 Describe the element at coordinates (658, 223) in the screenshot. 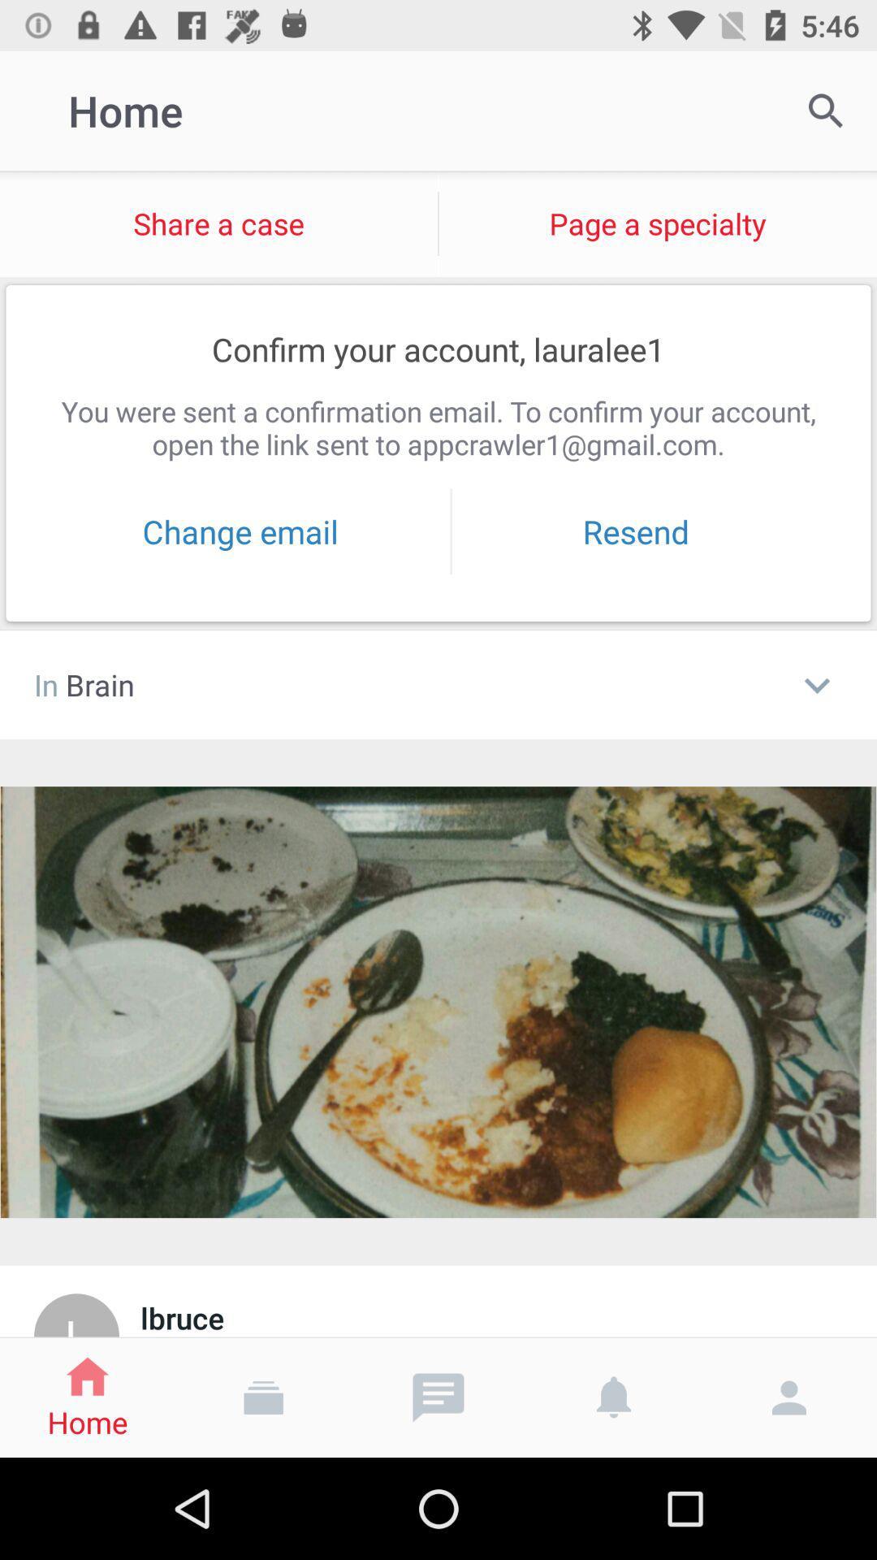

I see `the icon above the confirm your account icon` at that location.